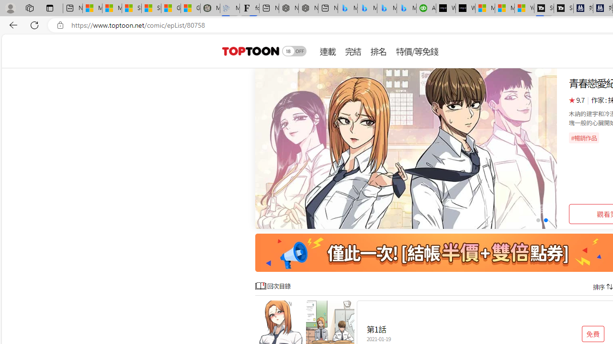 The image size is (613, 344). I want to click on 'Gilma and Hector both pose tropical trouble for Hawaii', so click(191, 8).